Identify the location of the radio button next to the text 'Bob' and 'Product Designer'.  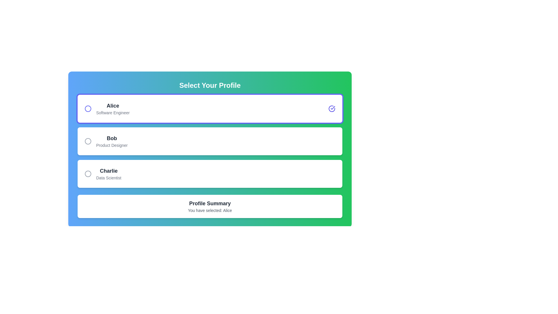
(87, 141).